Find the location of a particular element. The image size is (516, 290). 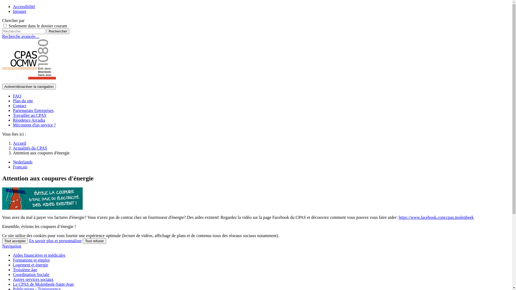

'En savoir plus et personnaliser' is located at coordinates (29, 240).